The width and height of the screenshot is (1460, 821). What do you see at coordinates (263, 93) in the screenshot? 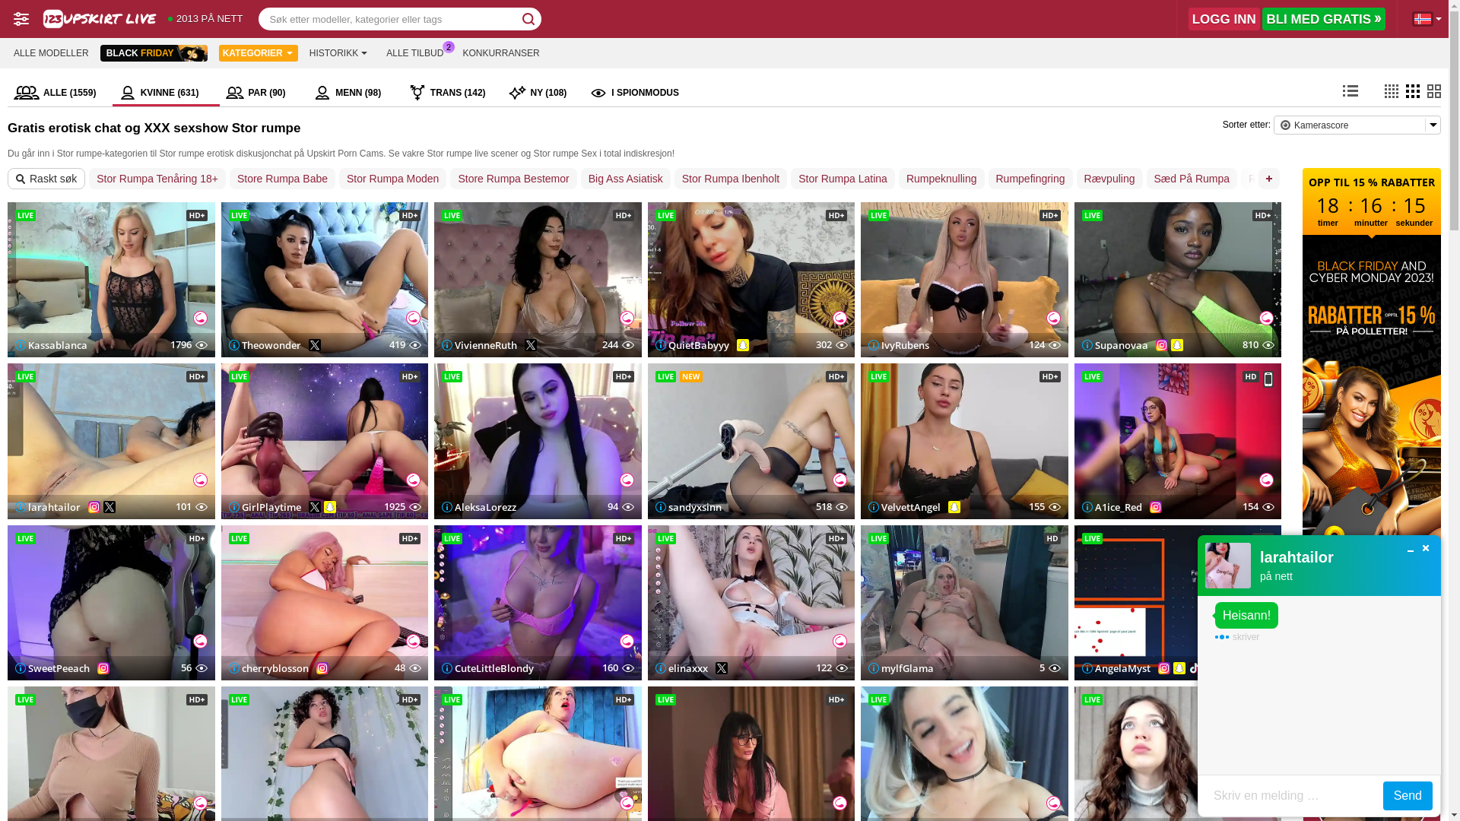
I see `'PAR (90)'` at bounding box center [263, 93].